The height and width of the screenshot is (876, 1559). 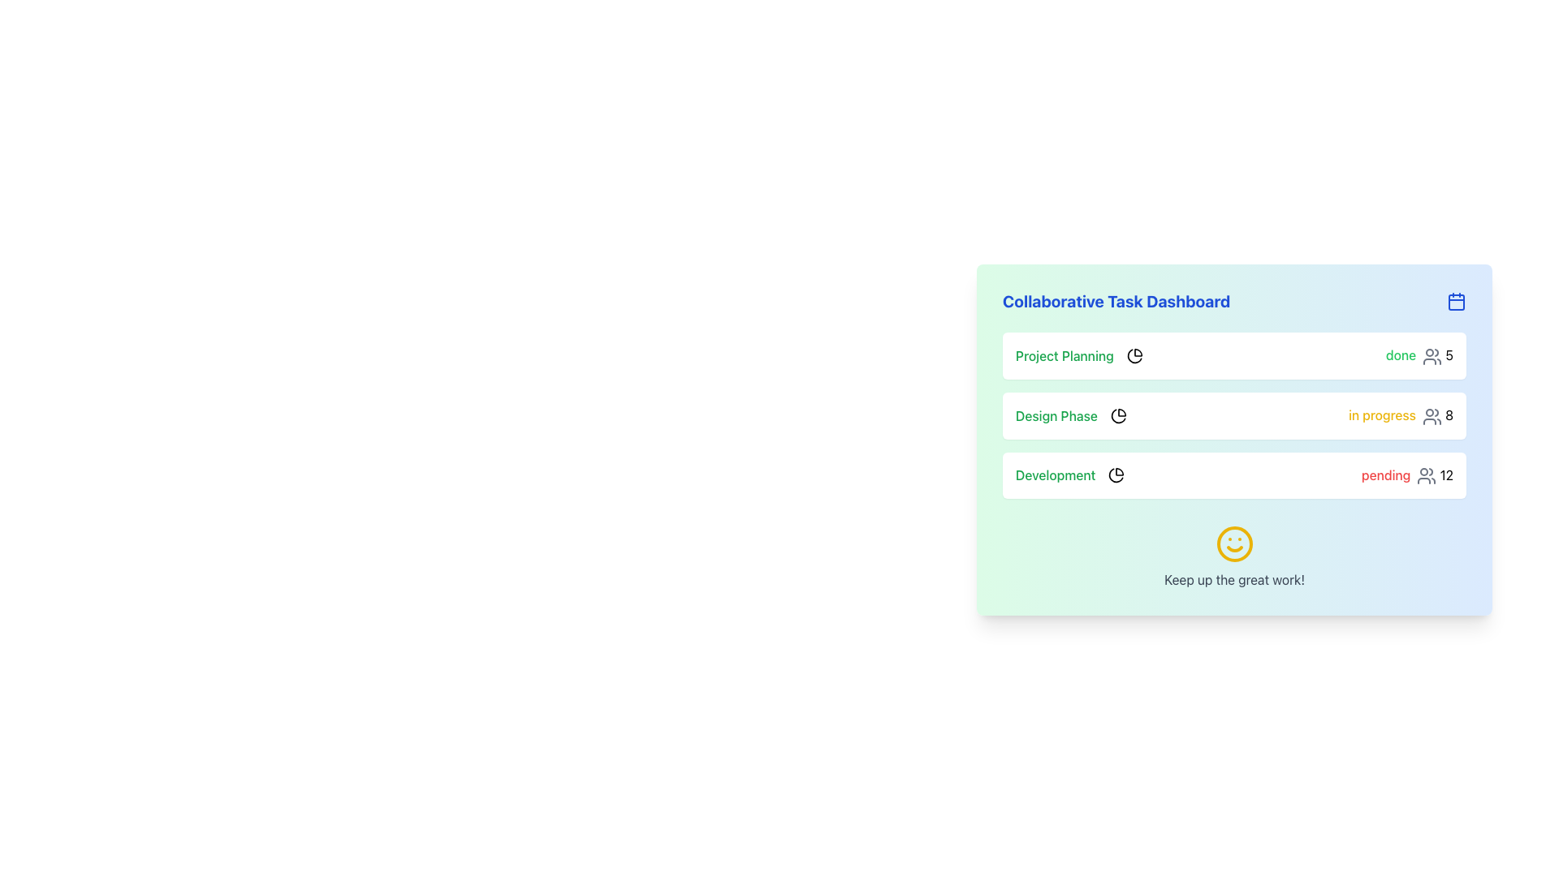 What do you see at coordinates (1056, 414) in the screenshot?
I see `the 'Design Phase' text label in the task dashboard, which is located in the second row beneath 'Project Planning'` at bounding box center [1056, 414].